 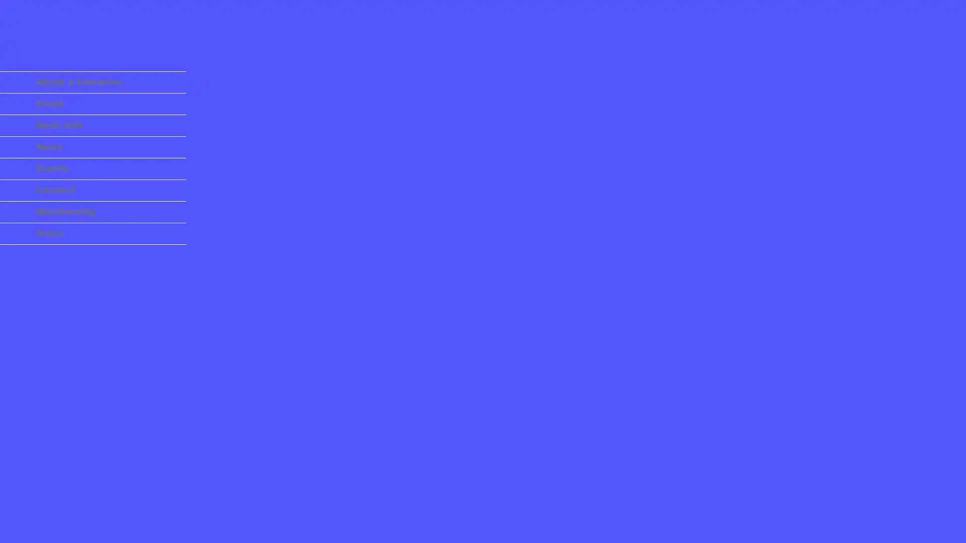 I want to click on U+0B8A, so click(x=536, y=352).